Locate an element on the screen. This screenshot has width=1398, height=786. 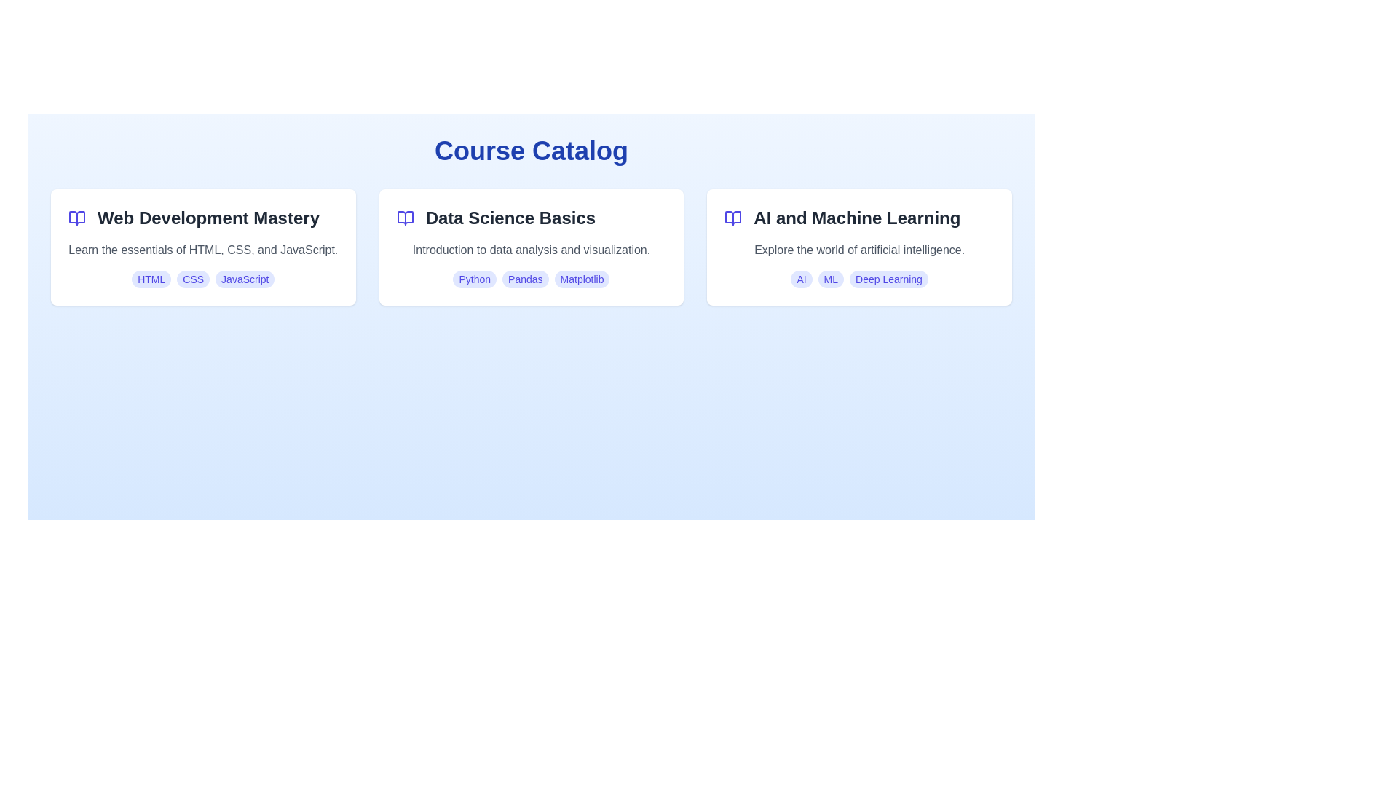
the pill-shaped button labeled 'HTML' with a light indigo background, located under the 'Web Development Mastery' heading is located at coordinates (151, 279).